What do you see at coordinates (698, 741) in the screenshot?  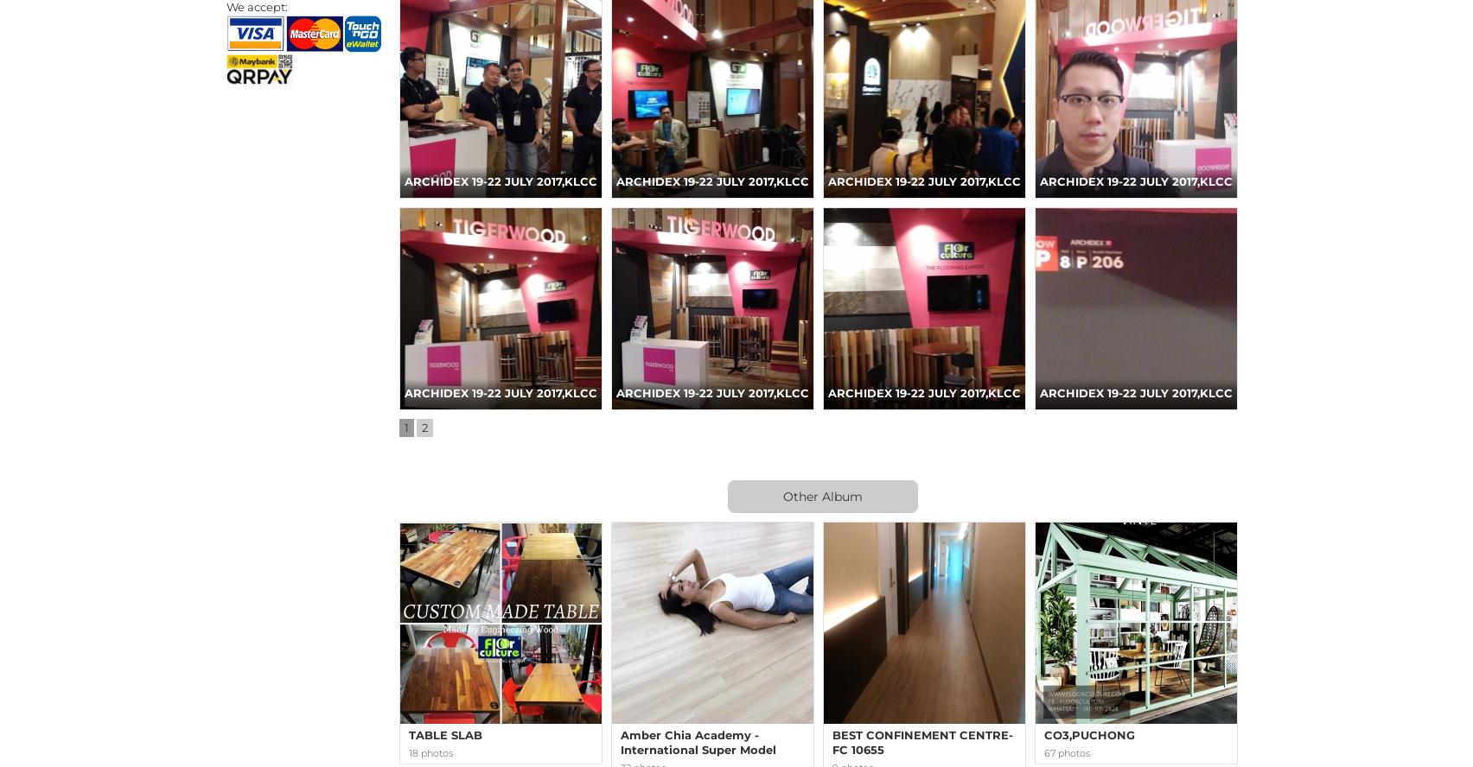 I see `'Amber Chia Academy - International Super Model'` at bounding box center [698, 741].